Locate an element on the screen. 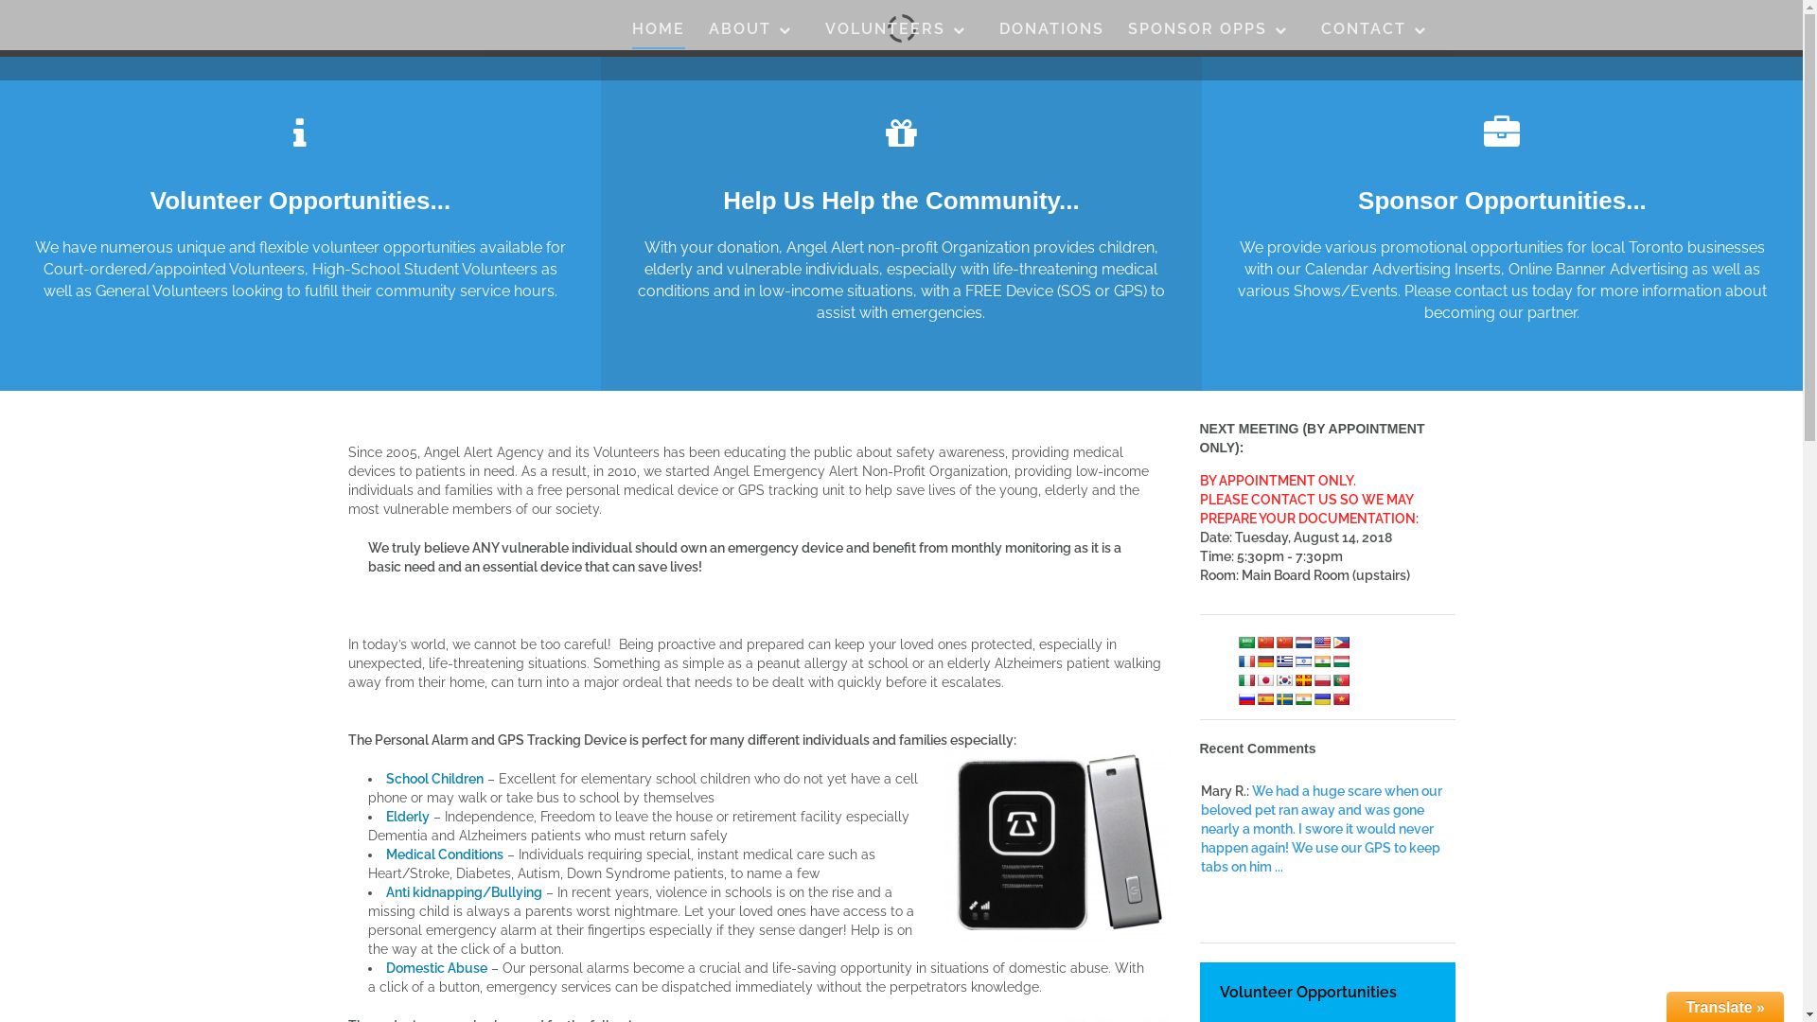  'VOLUNTEERS' is located at coordinates (899, 32).